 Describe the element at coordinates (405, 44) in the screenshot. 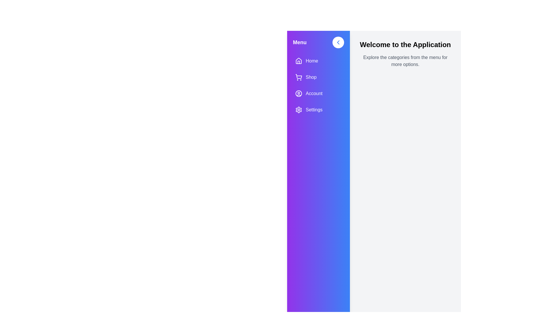

I see `the welcoming header text that greets users at the top of the main content area, above the subtitle text block` at that location.